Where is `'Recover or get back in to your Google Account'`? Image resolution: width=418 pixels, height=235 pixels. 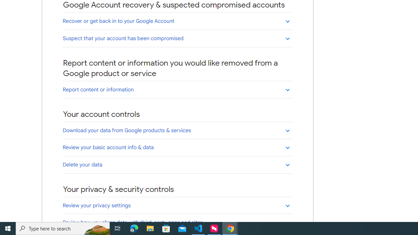
'Recover or get back in to your Google Account' is located at coordinates (177, 21).